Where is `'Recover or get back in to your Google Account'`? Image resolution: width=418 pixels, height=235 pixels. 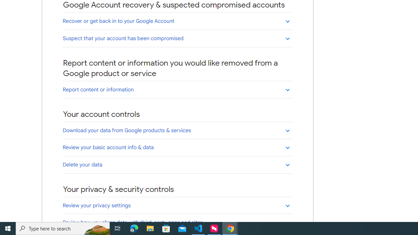
'Recover or get back in to your Google Account' is located at coordinates (177, 21).